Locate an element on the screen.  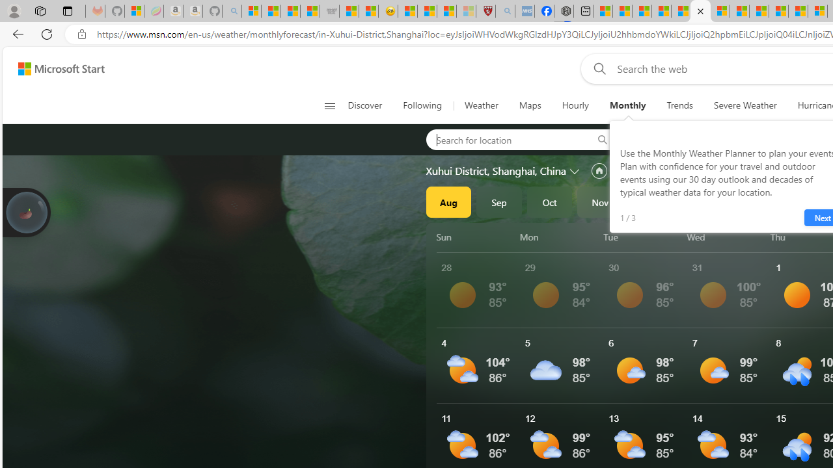
'Mar' is located at coordinates (802, 202).